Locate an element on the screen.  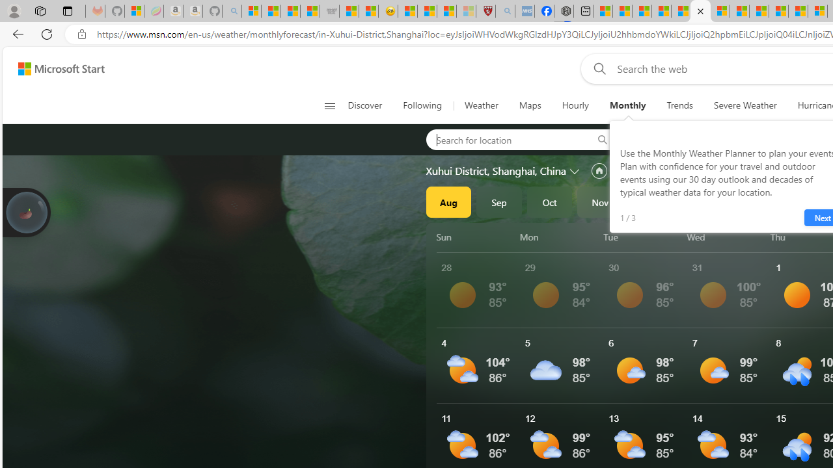
'Mar' is located at coordinates (802, 202).